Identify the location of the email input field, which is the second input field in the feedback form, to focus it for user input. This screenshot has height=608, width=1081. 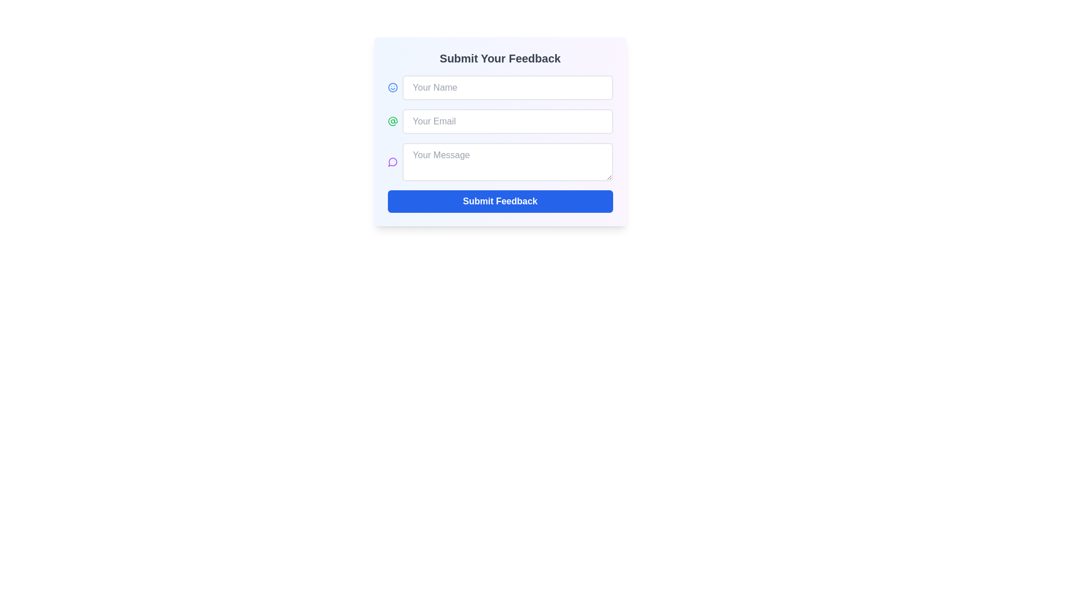
(499, 122).